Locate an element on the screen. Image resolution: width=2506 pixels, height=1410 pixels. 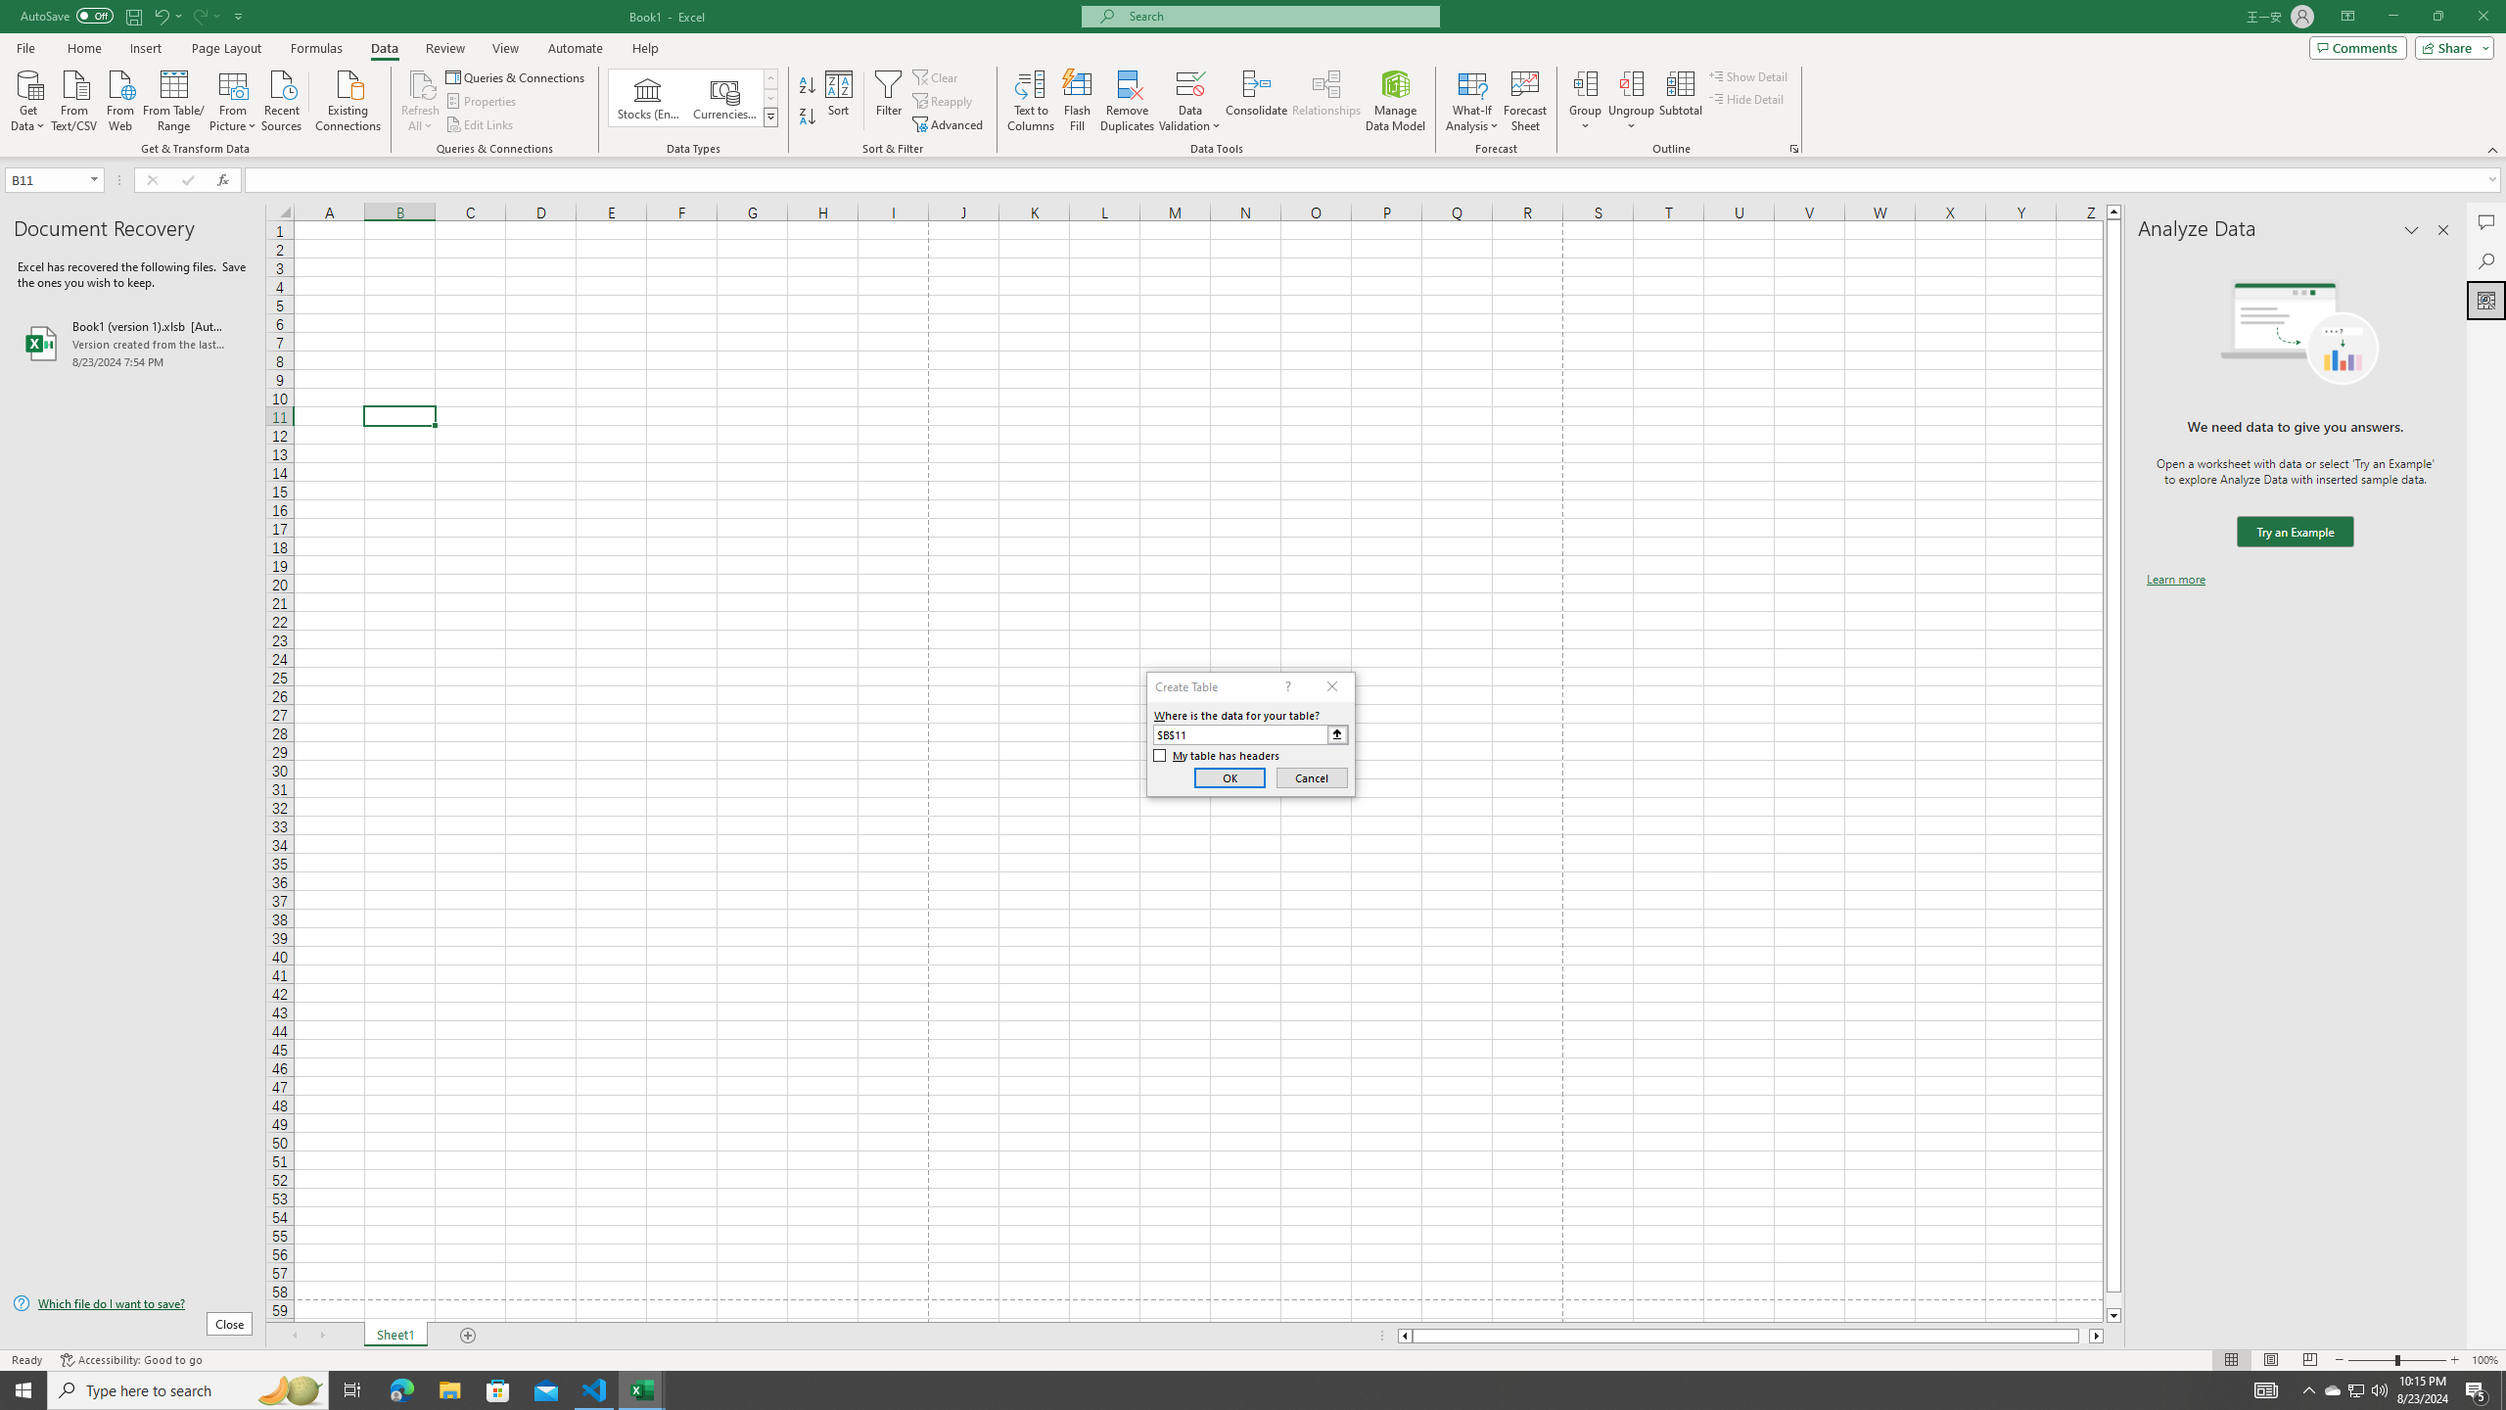
'Reapply' is located at coordinates (945, 101).